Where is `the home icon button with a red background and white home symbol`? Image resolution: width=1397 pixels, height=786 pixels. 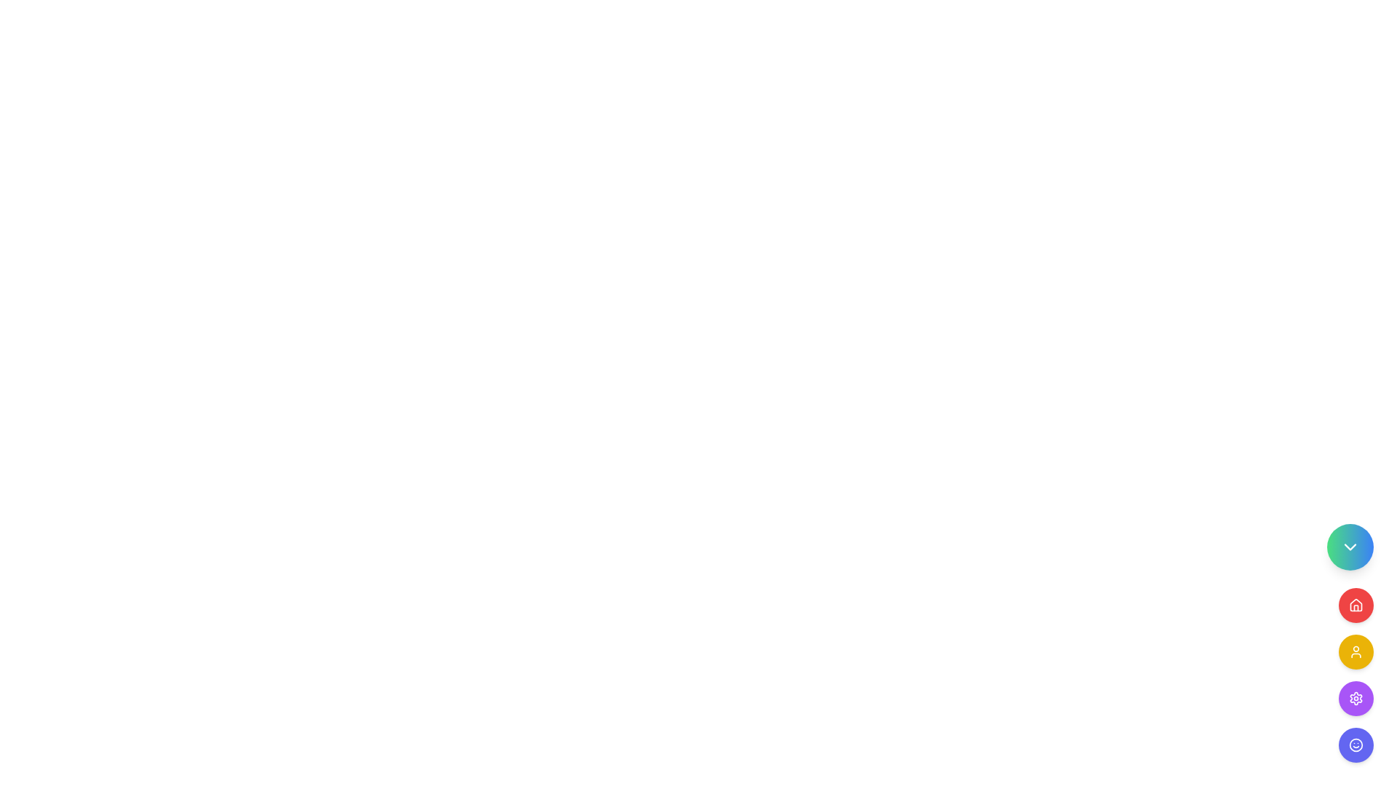 the home icon button with a red background and white home symbol is located at coordinates (1355, 606).